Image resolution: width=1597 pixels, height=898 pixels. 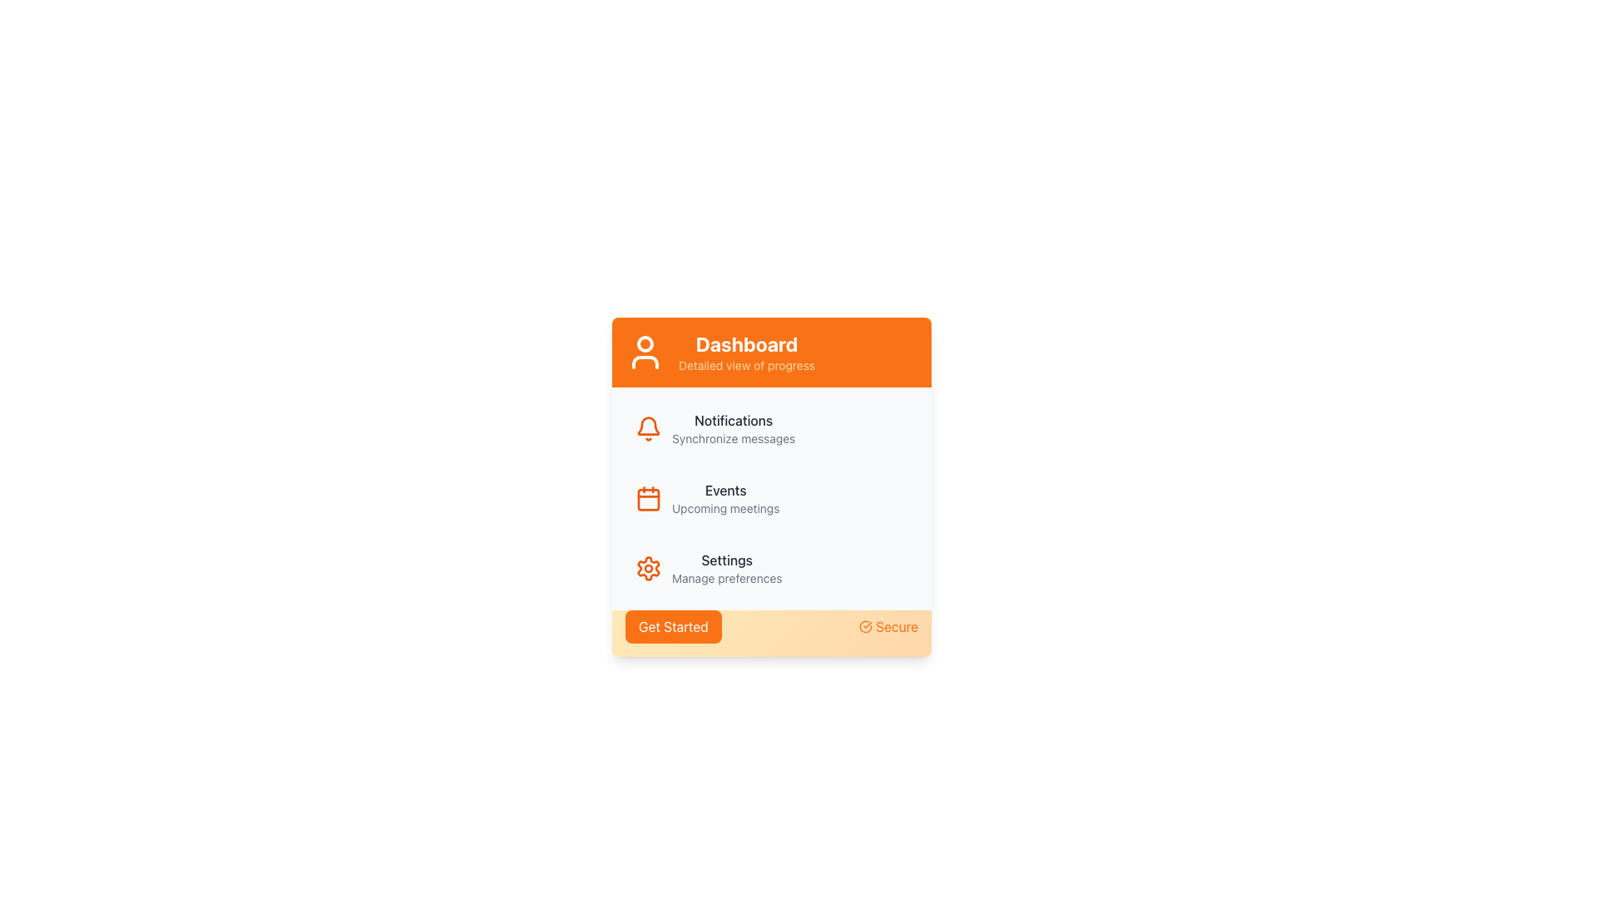 What do you see at coordinates (727, 567) in the screenshot?
I see `the text display element that shows 'Settings' in bold dark-gray font and 'Manage preferences' in lighter gray font, located in the settings section of a user panel` at bounding box center [727, 567].